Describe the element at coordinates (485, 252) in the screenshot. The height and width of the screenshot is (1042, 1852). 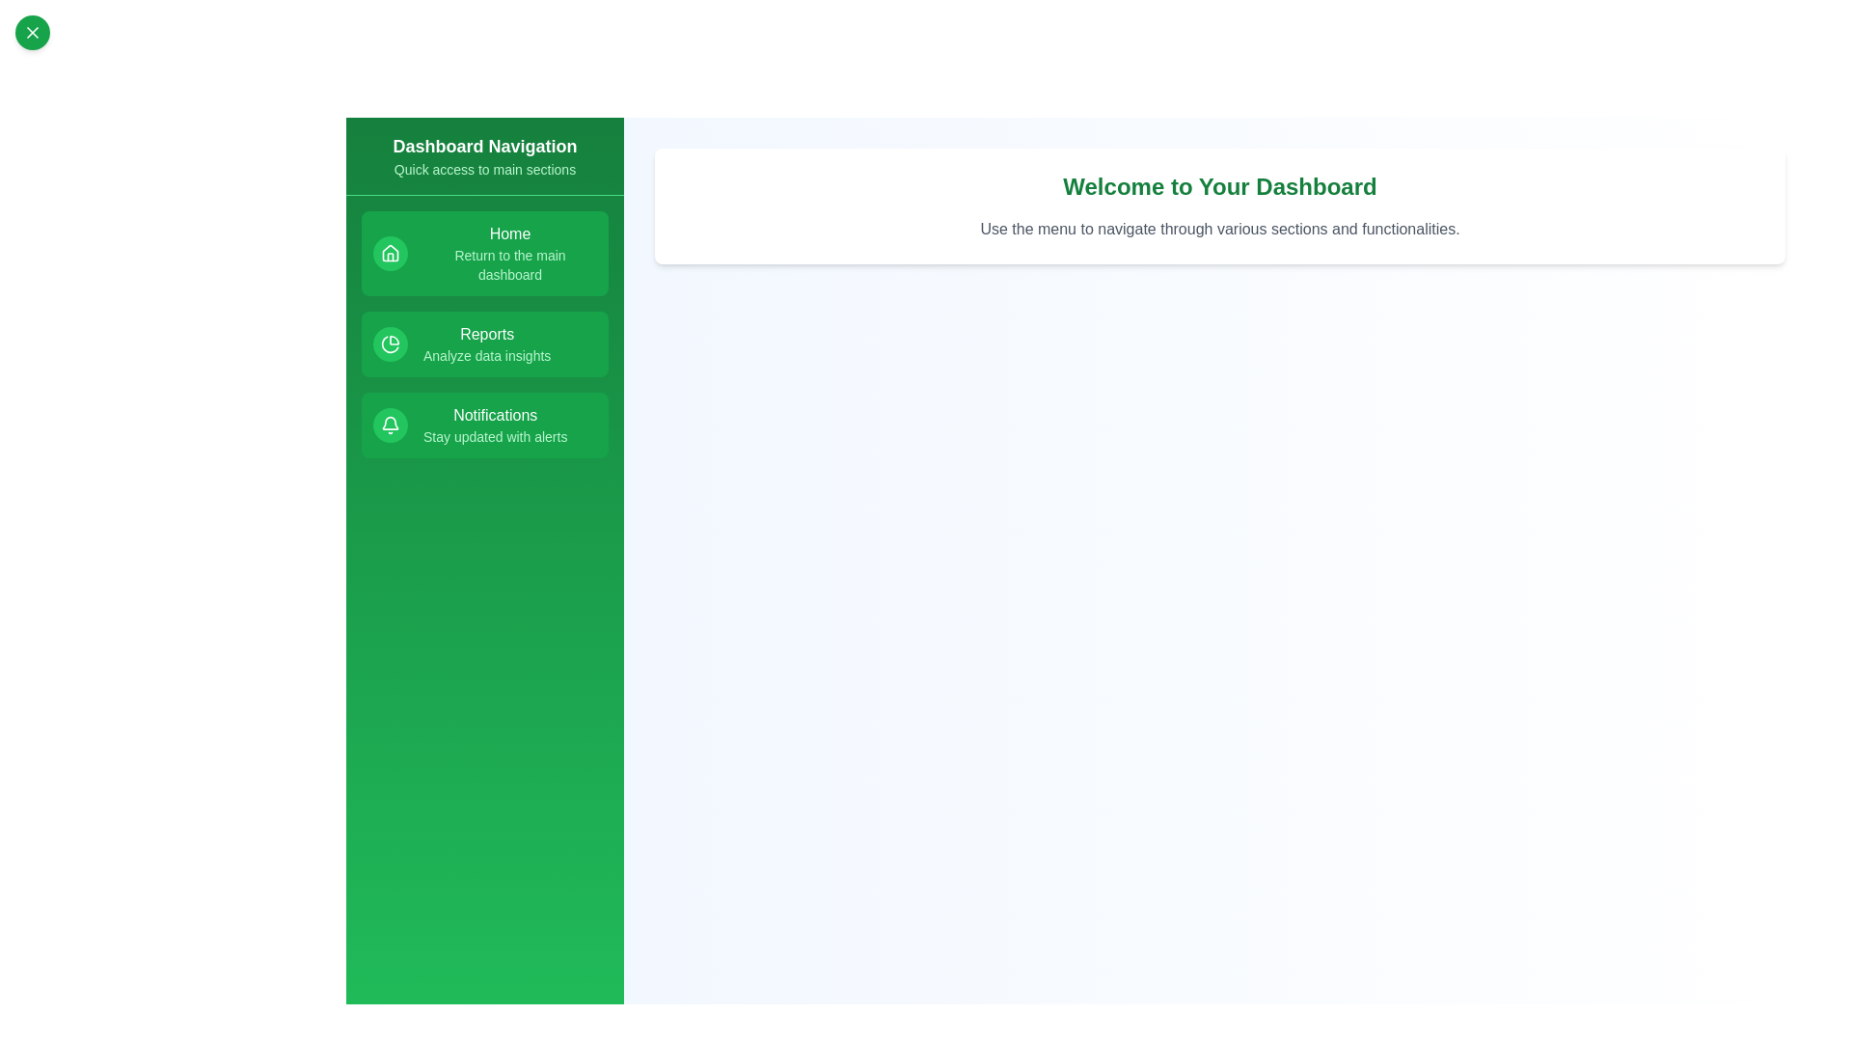
I see `the menu item corresponding to Home to navigate to its section` at that location.